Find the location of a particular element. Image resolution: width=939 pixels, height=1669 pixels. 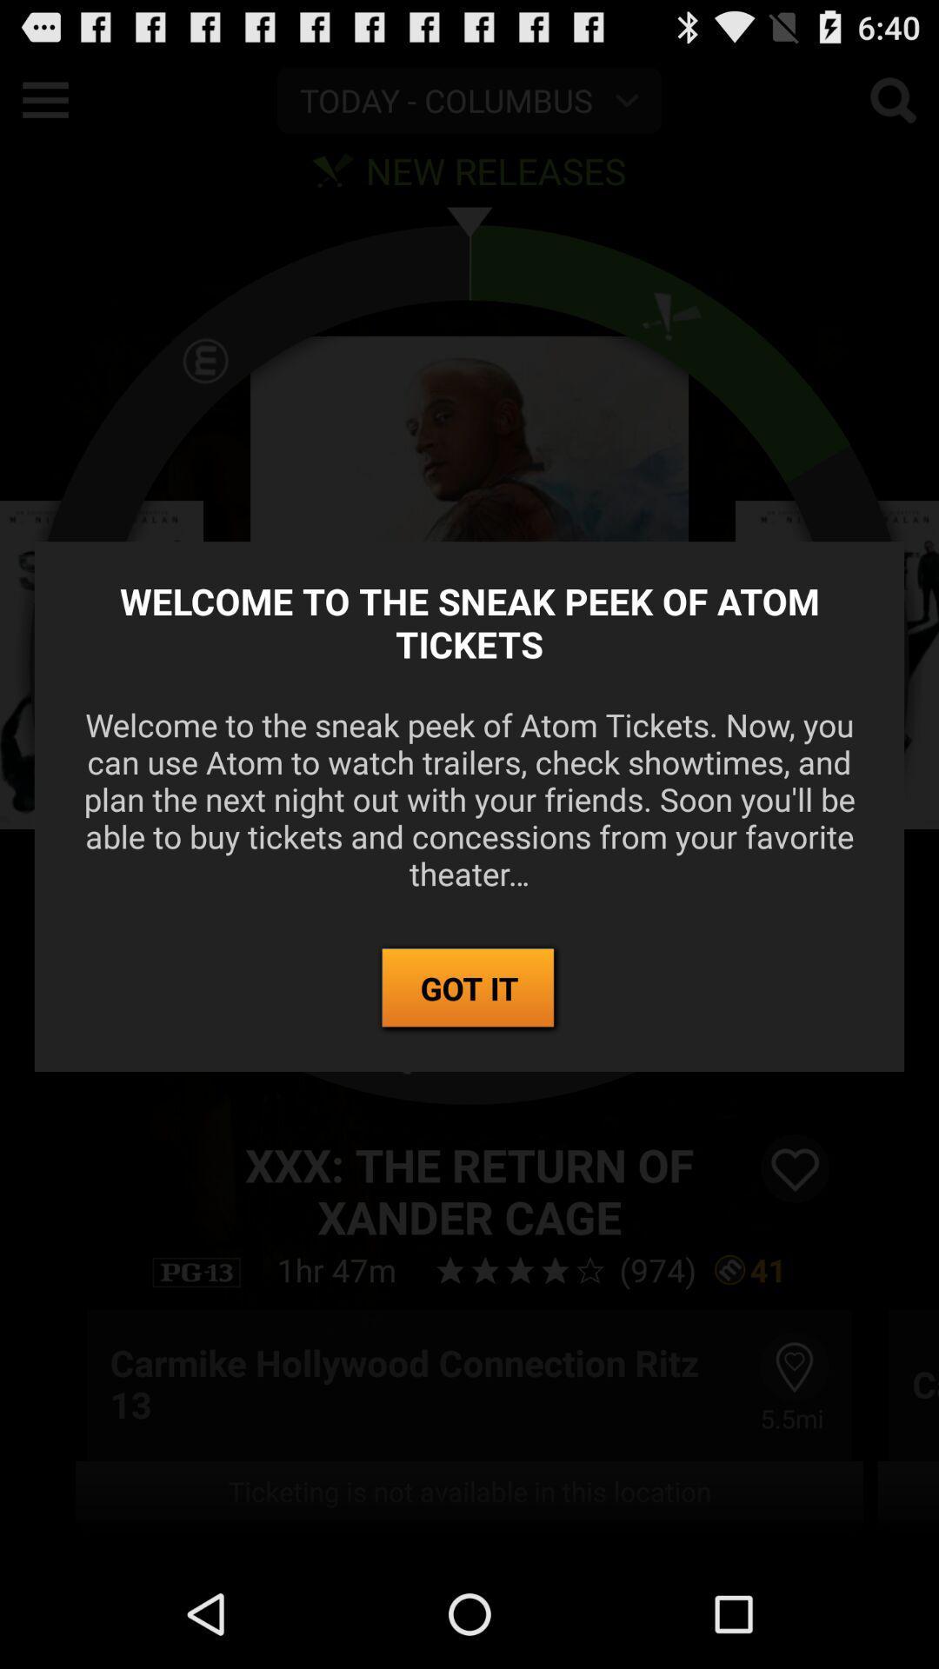

the got it item is located at coordinates (469, 989).